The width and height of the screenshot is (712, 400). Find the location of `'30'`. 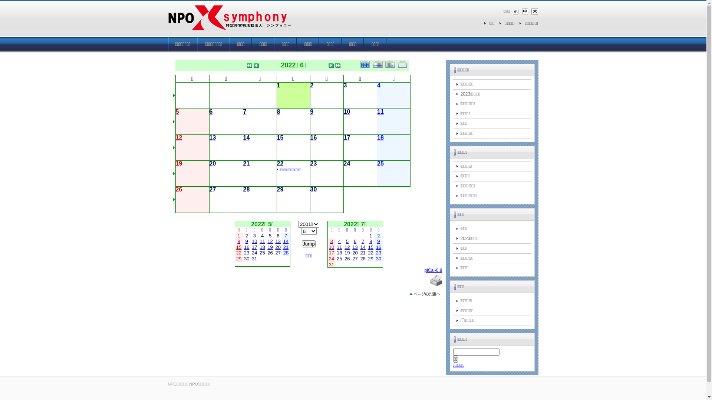

'30' is located at coordinates (313, 190).